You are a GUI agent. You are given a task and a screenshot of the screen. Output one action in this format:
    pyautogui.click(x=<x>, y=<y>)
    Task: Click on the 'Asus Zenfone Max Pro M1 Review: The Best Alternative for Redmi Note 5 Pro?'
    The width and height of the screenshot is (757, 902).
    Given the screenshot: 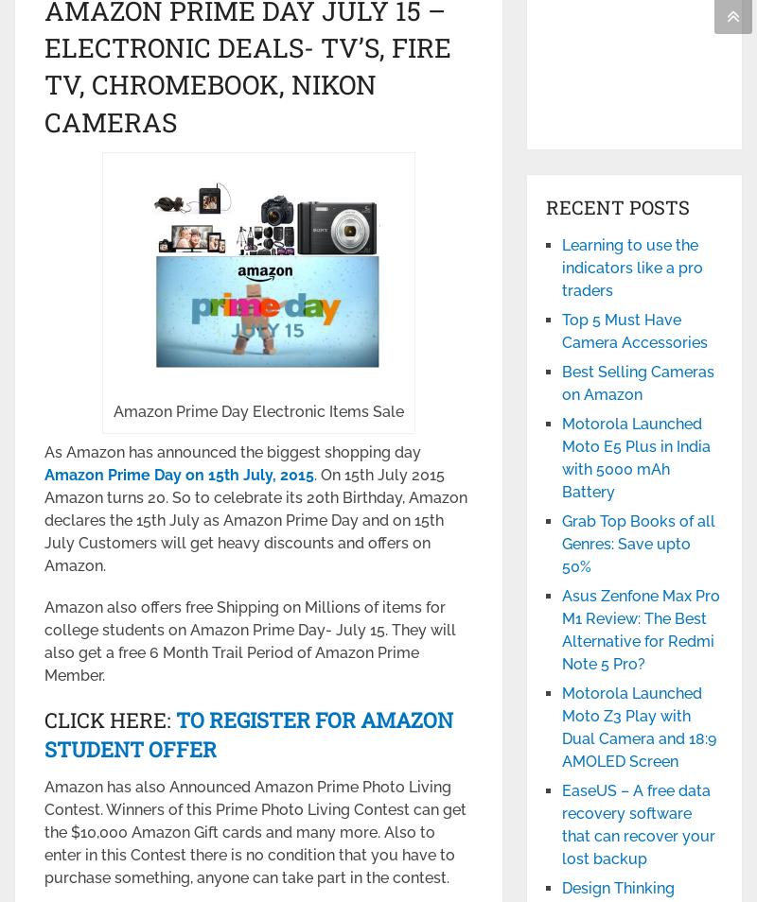 What is the action you would take?
    pyautogui.click(x=641, y=628)
    